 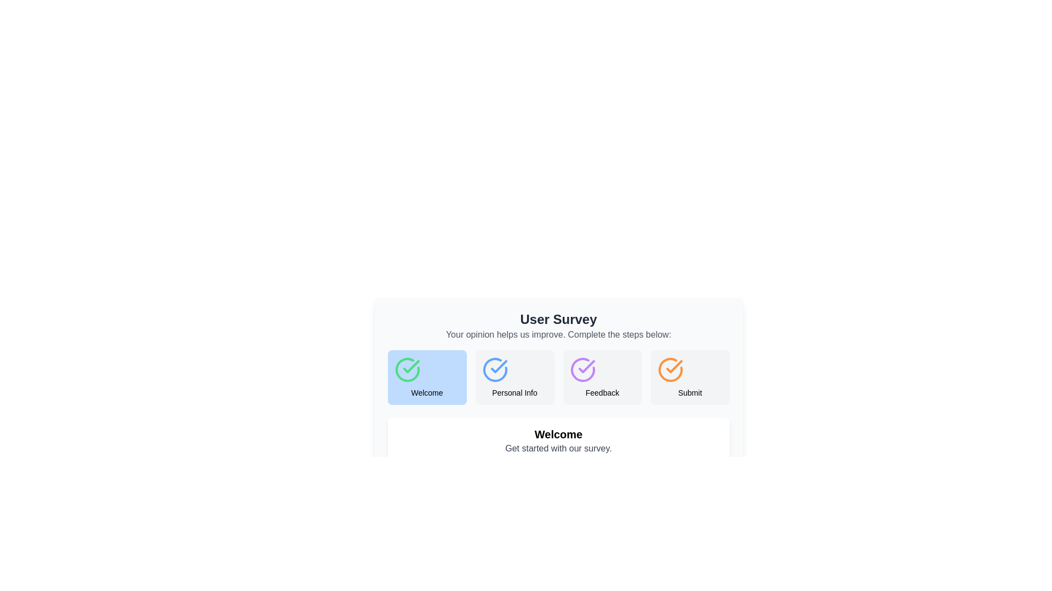 What do you see at coordinates (558, 434) in the screenshot?
I see `the bold, large-sized static text displaying 'Welcome' that is centered at the top of a white card section` at bounding box center [558, 434].